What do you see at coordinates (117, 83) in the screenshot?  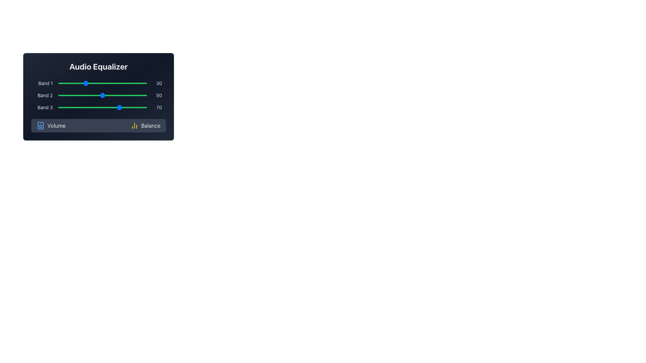 I see `the slider labeled 'Band 1'` at bounding box center [117, 83].